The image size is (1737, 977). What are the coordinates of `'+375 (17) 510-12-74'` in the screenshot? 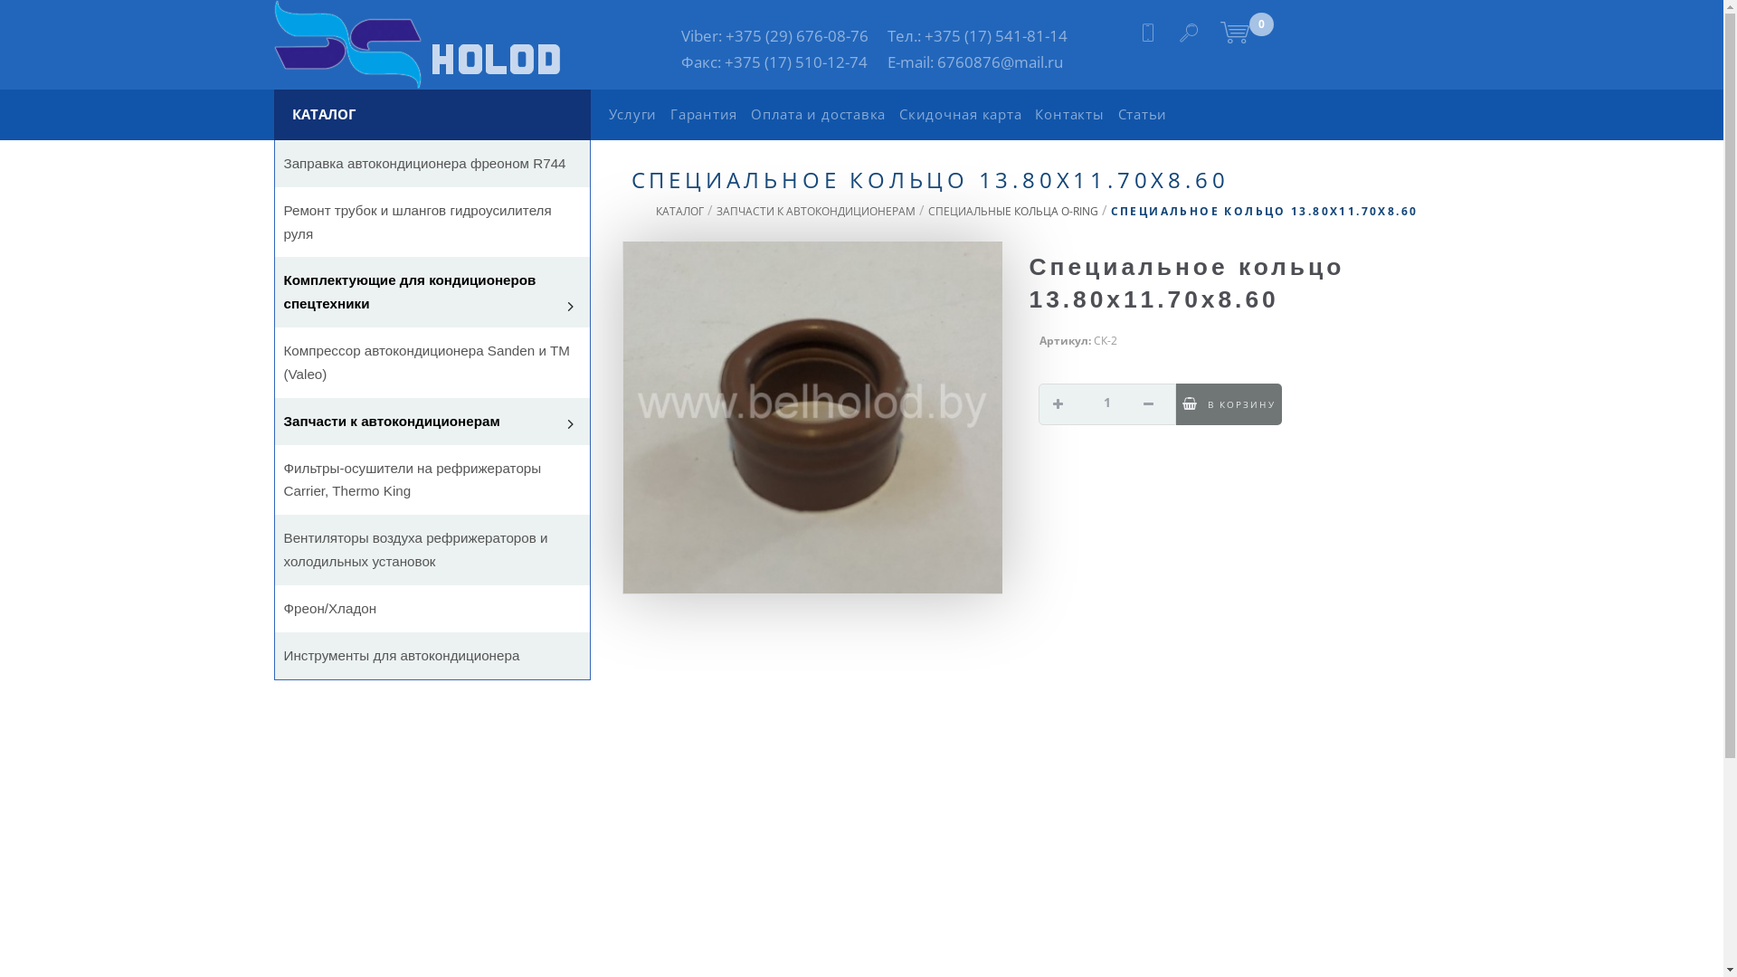 It's located at (795, 61).